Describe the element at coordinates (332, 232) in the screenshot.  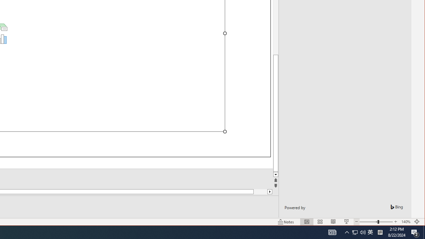
I see `'AutomationID: 4105'` at that location.